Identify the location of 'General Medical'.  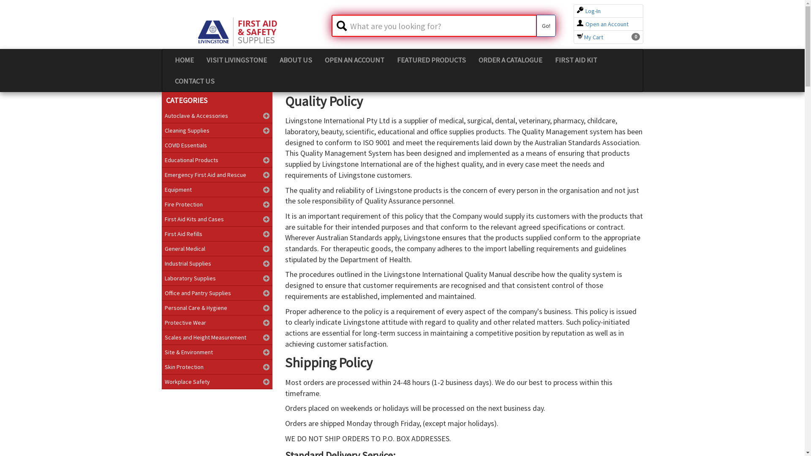
(217, 248).